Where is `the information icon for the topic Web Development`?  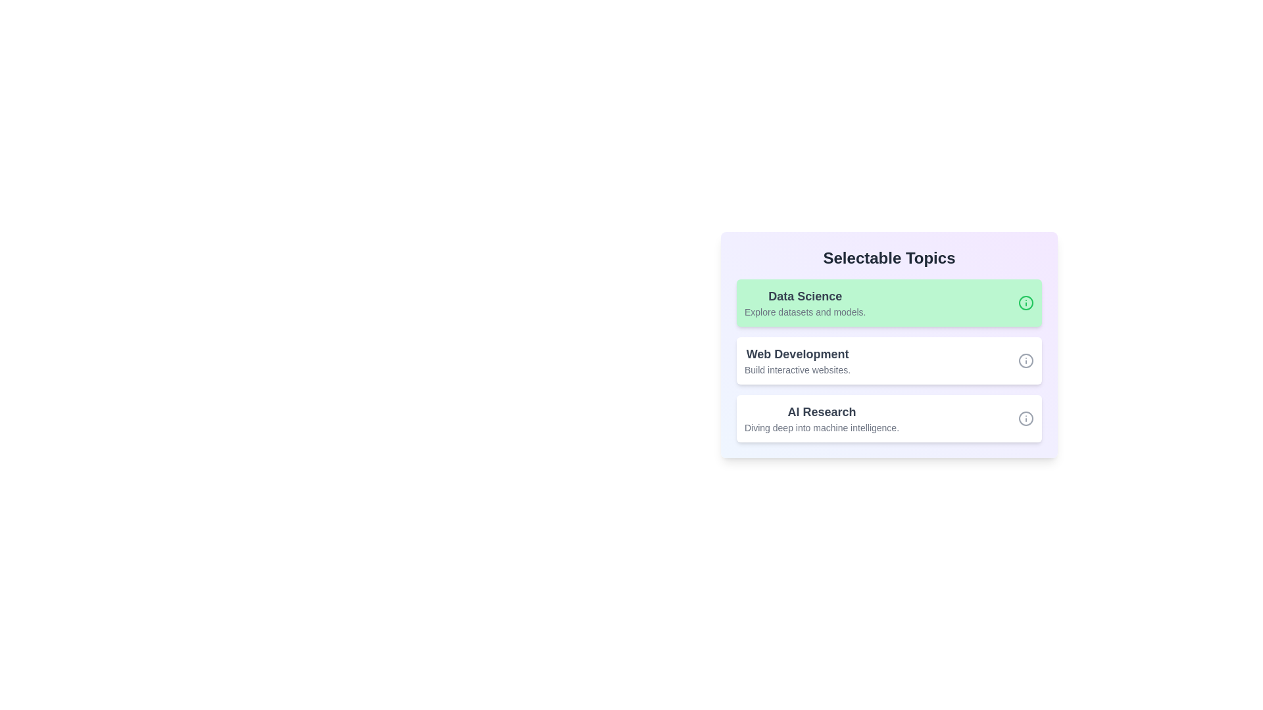 the information icon for the topic Web Development is located at coordinates (1026, 360).